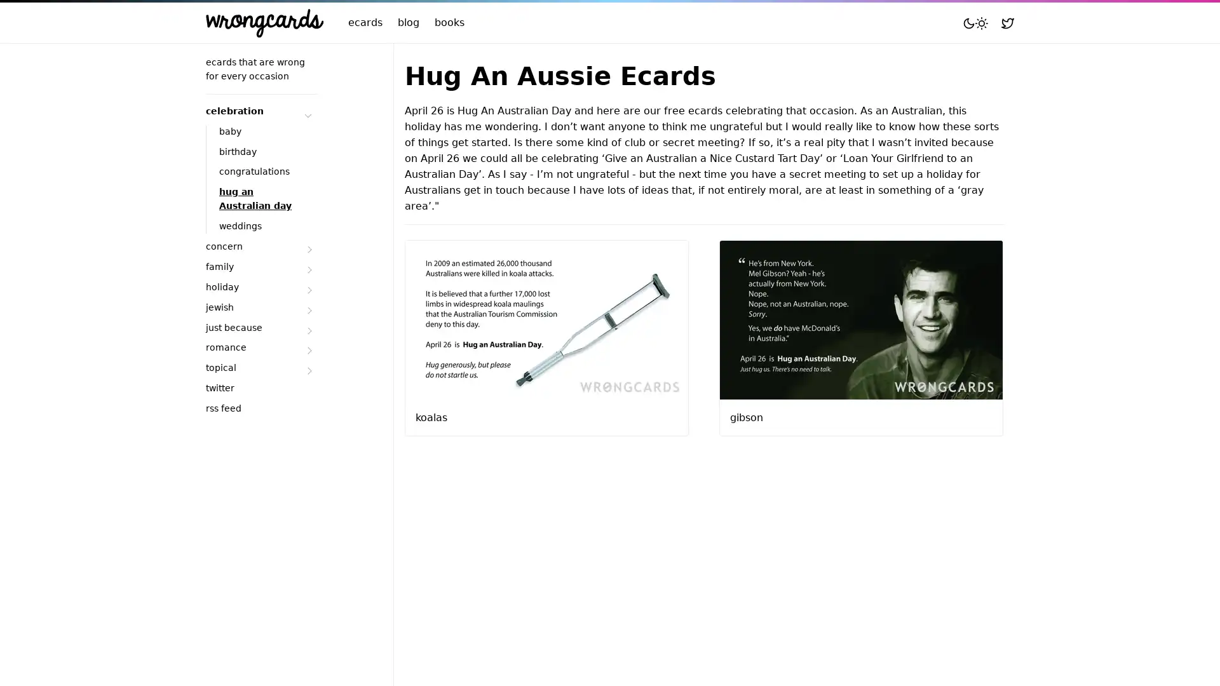 This screenshot has width=1220, height=686. I want to click on Submenu, so click(308, 289).